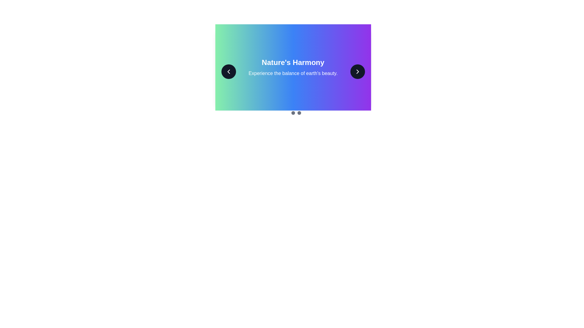 This screenshot has width=584, height=328. Describe the element at coordinates (293, 113) in the screenshot. I see `the second circular gray icon in a group of three, located below the main content area of the card-like section` at that location.